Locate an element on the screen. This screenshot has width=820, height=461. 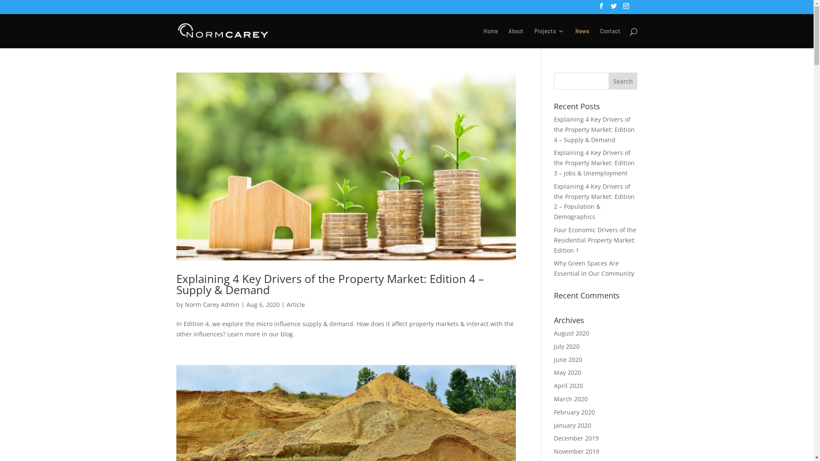
'Search' is located at coordinates (623, 81).